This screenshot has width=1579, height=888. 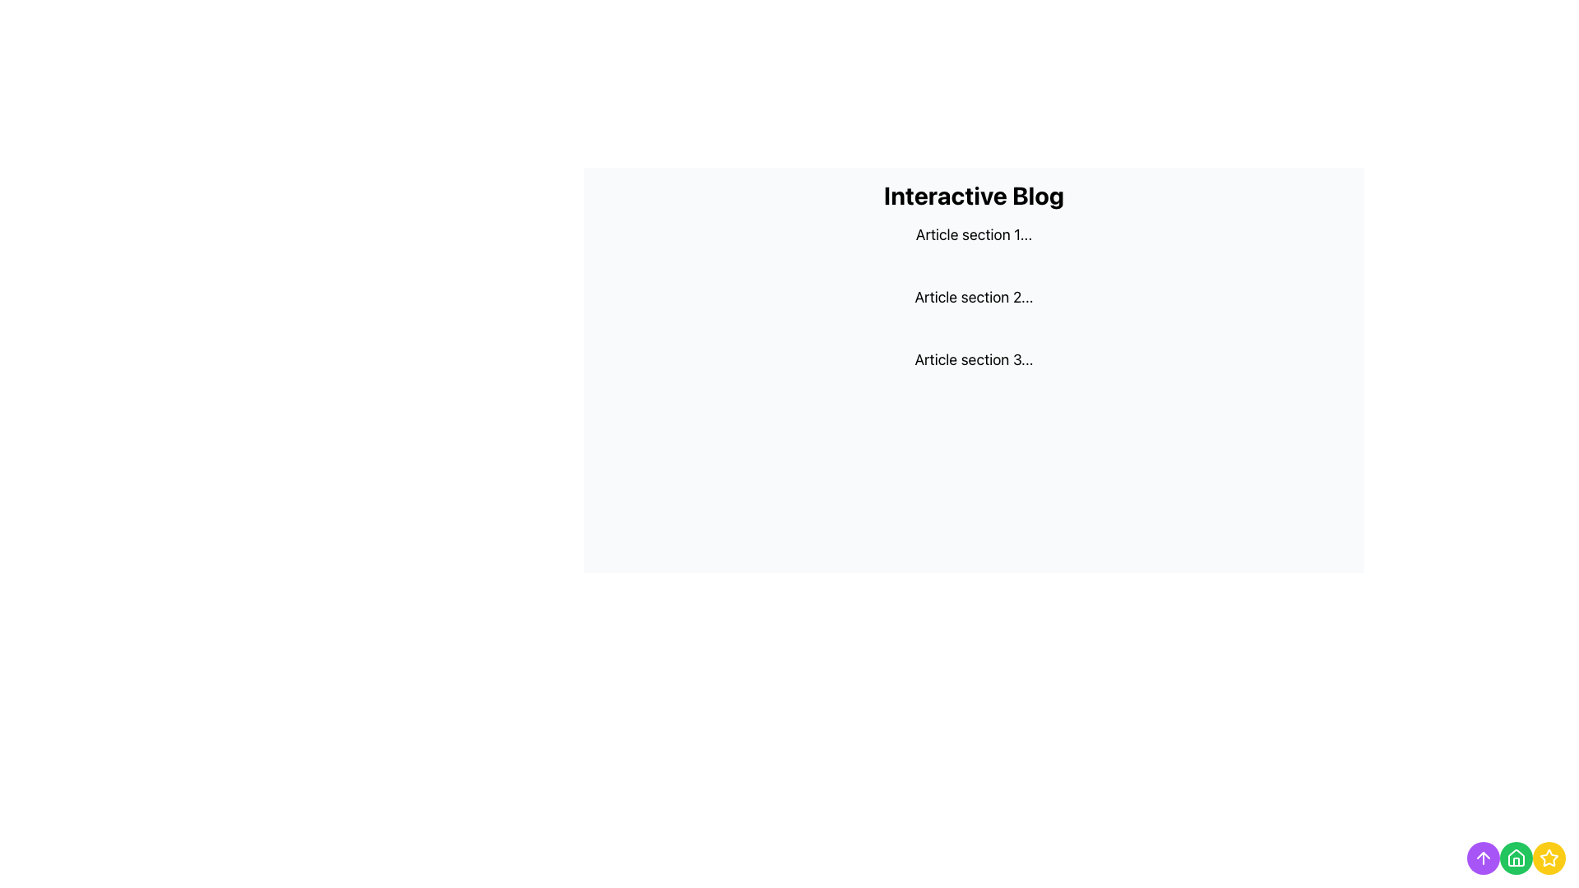 I want to click on the green house icon located at the bottom right corner of the interface, so click(x=1515, y=856).